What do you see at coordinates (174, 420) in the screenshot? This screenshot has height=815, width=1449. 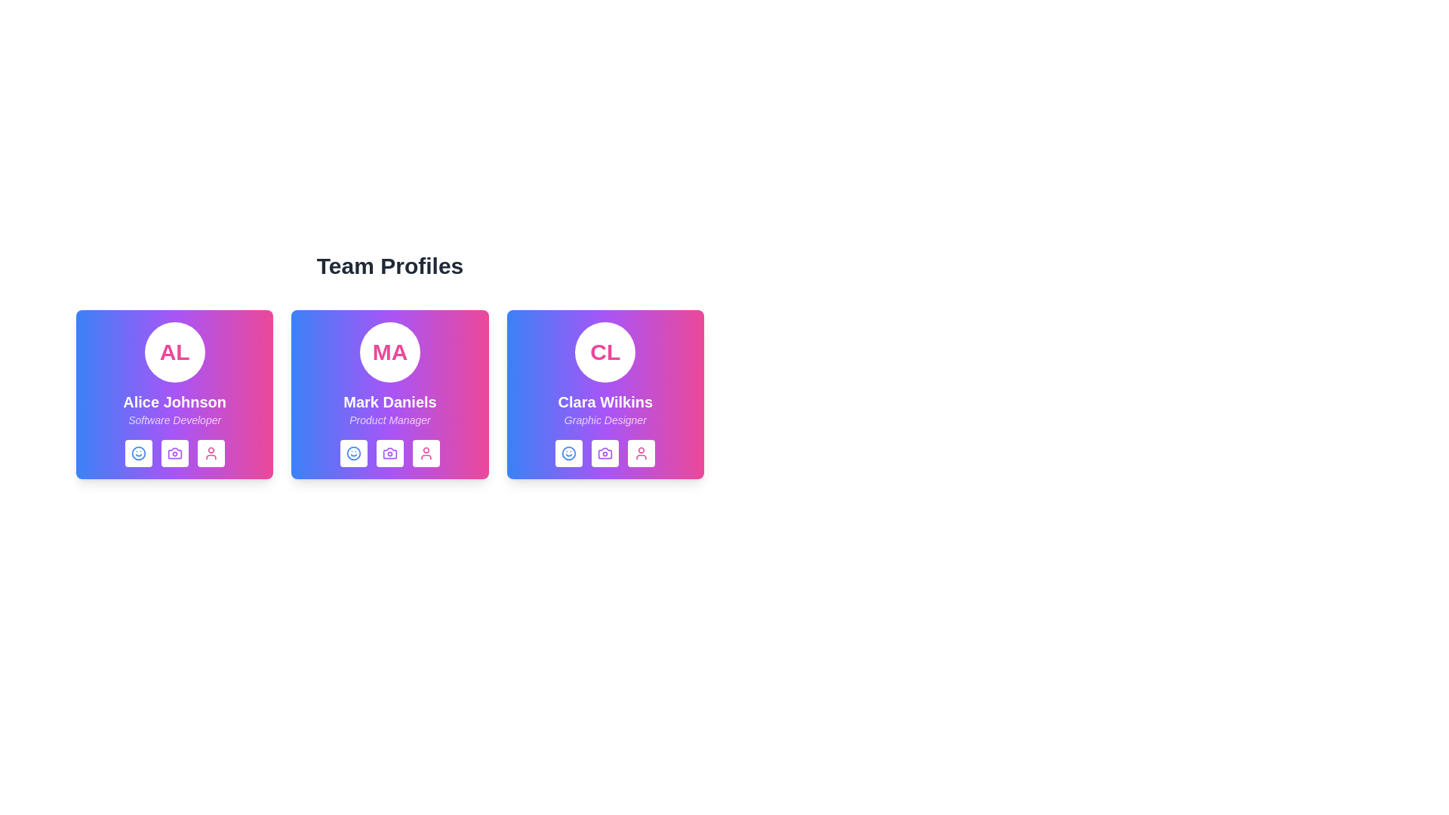 I see `the text label that identifies the job title or role for the profile of Alice Johnson, positioned beneath her name and above interactive icons` at bounding box center [174, 420].